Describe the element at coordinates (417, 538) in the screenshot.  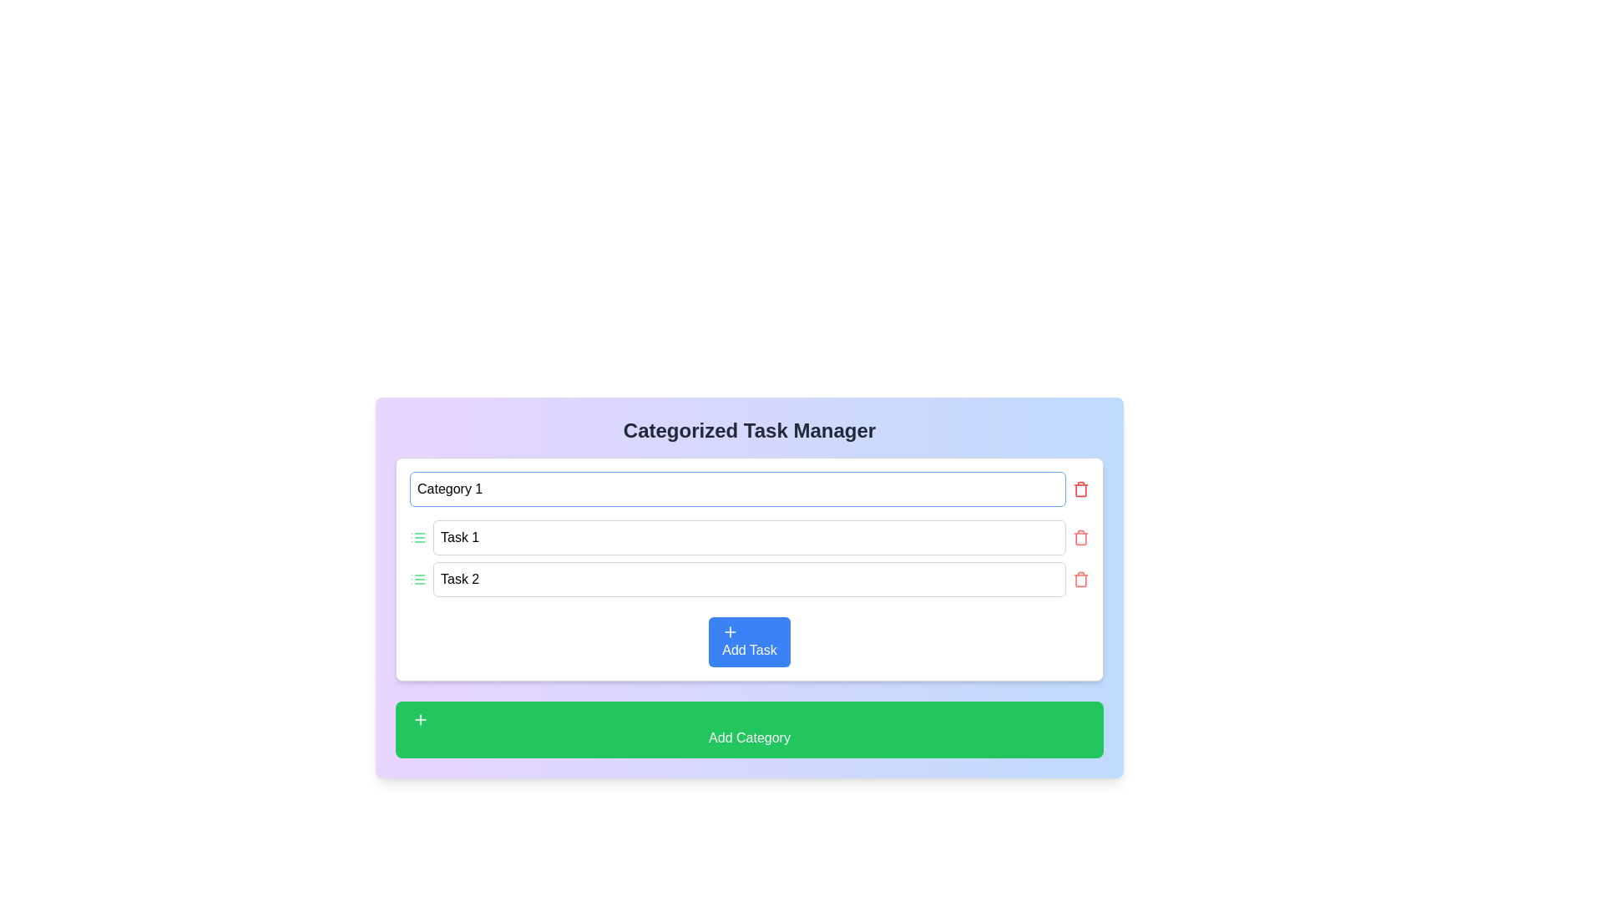
I see `the small horizontal list icon styled in green, located at the leftmost position in the row containing the text input field for the task 'Task 1'` at that location.